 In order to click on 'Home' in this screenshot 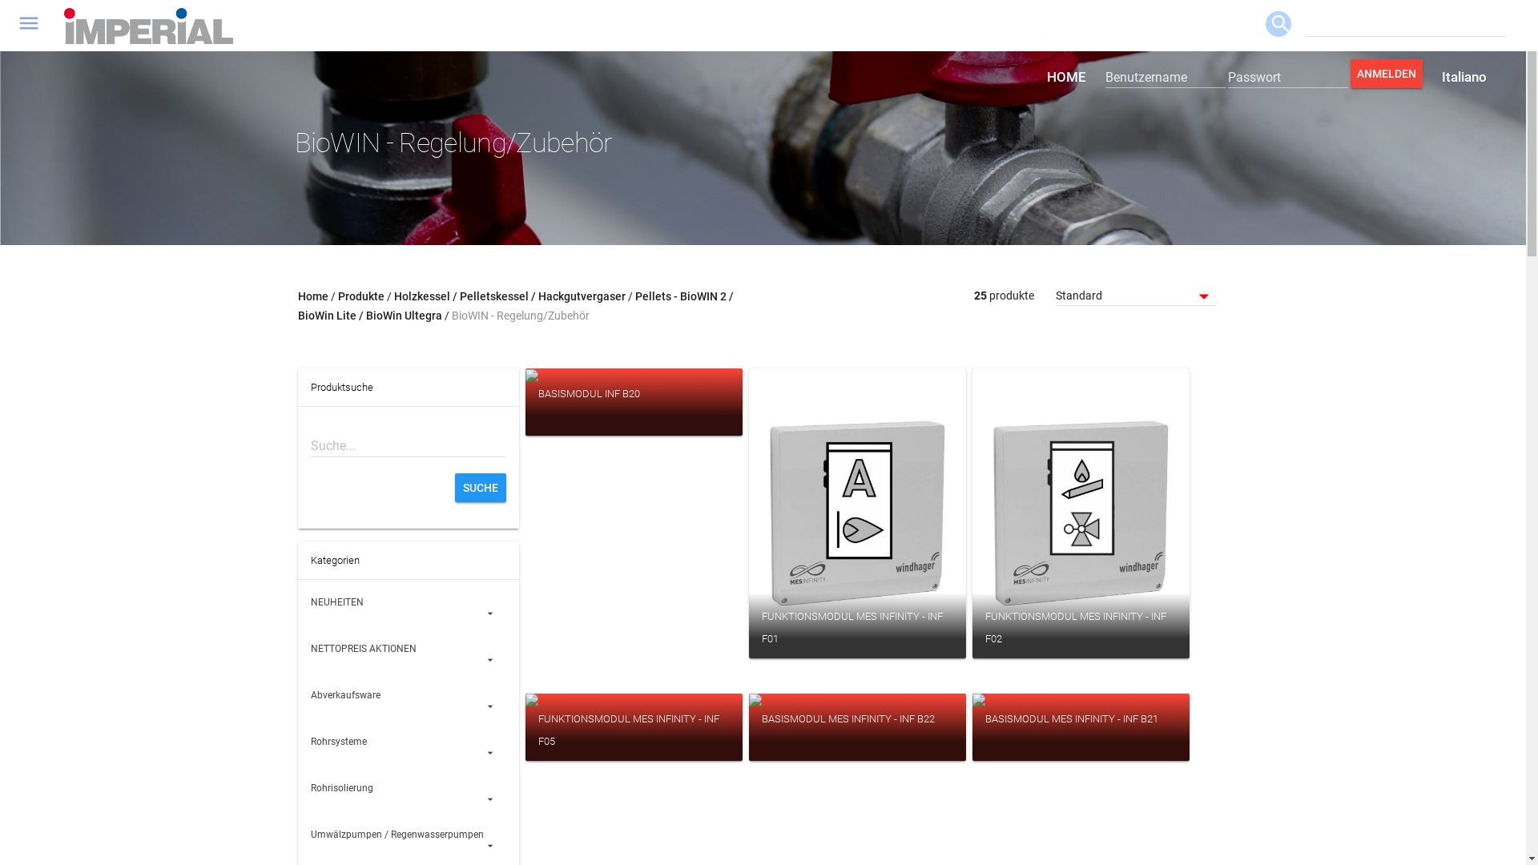, I will do `click(312, 296)`.